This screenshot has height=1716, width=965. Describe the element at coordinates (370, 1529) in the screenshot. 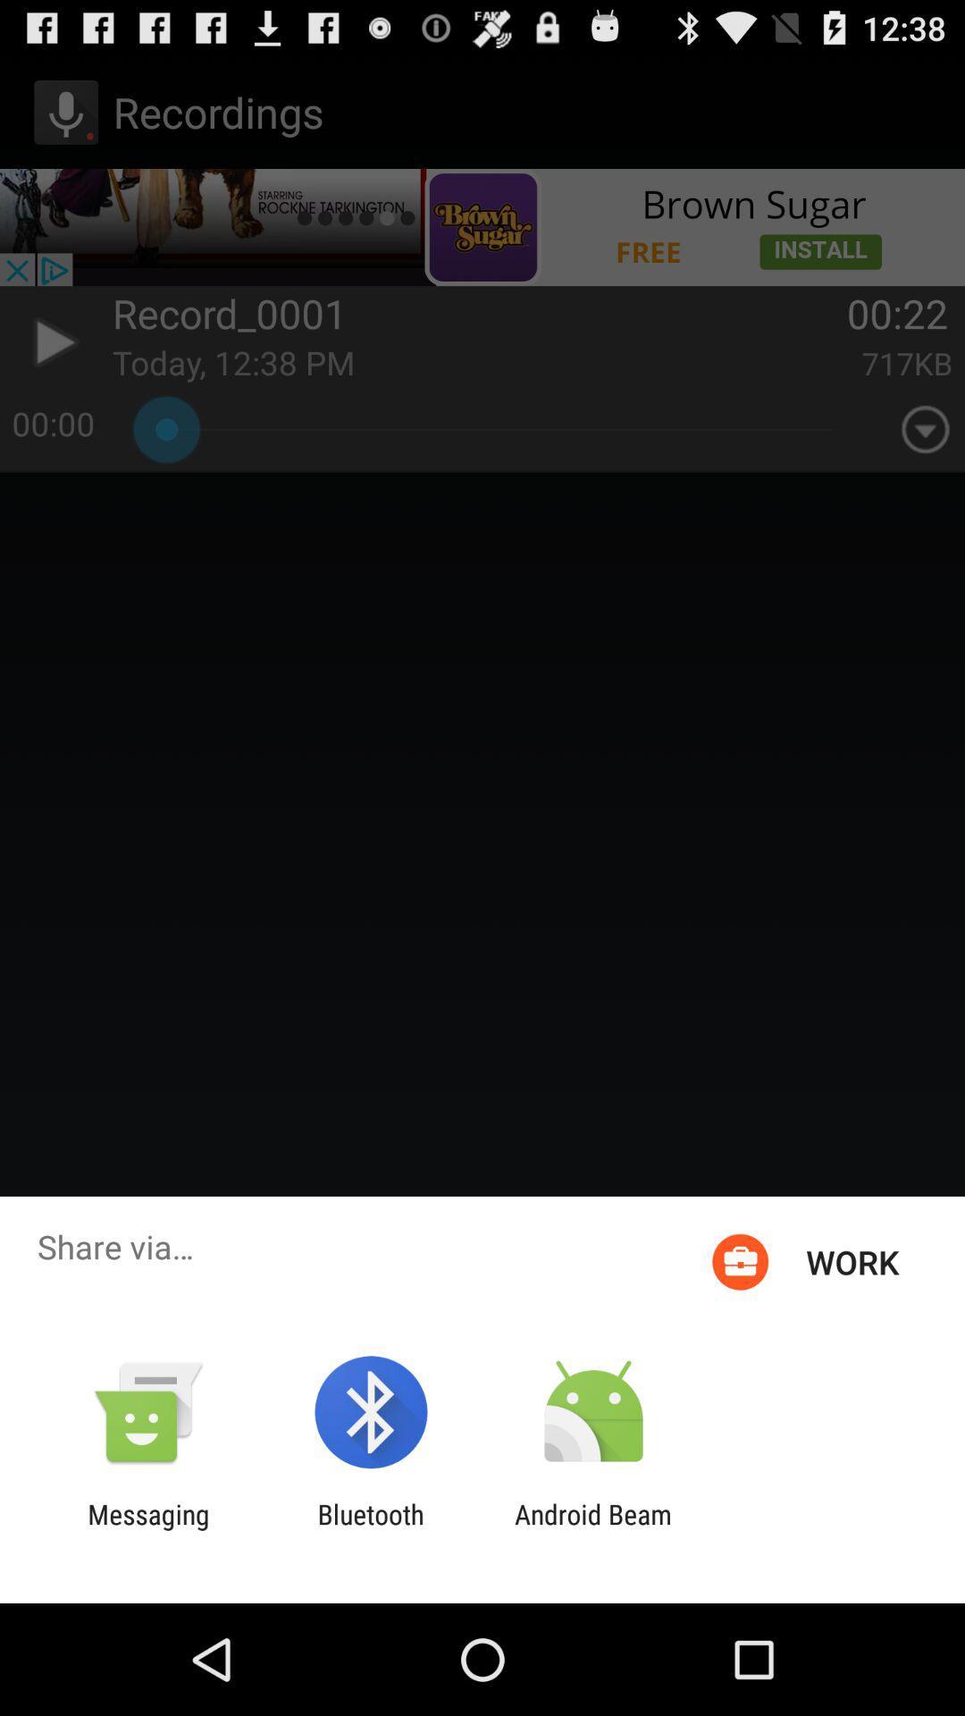

I see `item next to android beam item` at that location.